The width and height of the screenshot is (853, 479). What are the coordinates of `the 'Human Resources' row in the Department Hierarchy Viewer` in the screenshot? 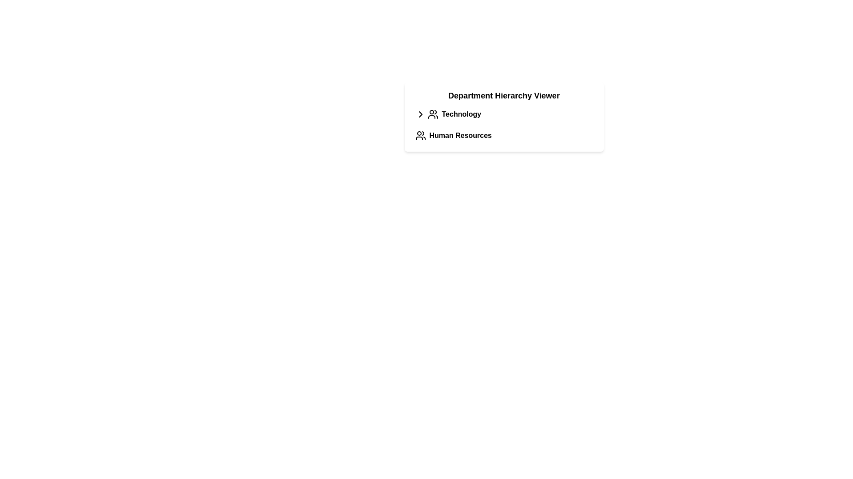 It's located at (504, 125).